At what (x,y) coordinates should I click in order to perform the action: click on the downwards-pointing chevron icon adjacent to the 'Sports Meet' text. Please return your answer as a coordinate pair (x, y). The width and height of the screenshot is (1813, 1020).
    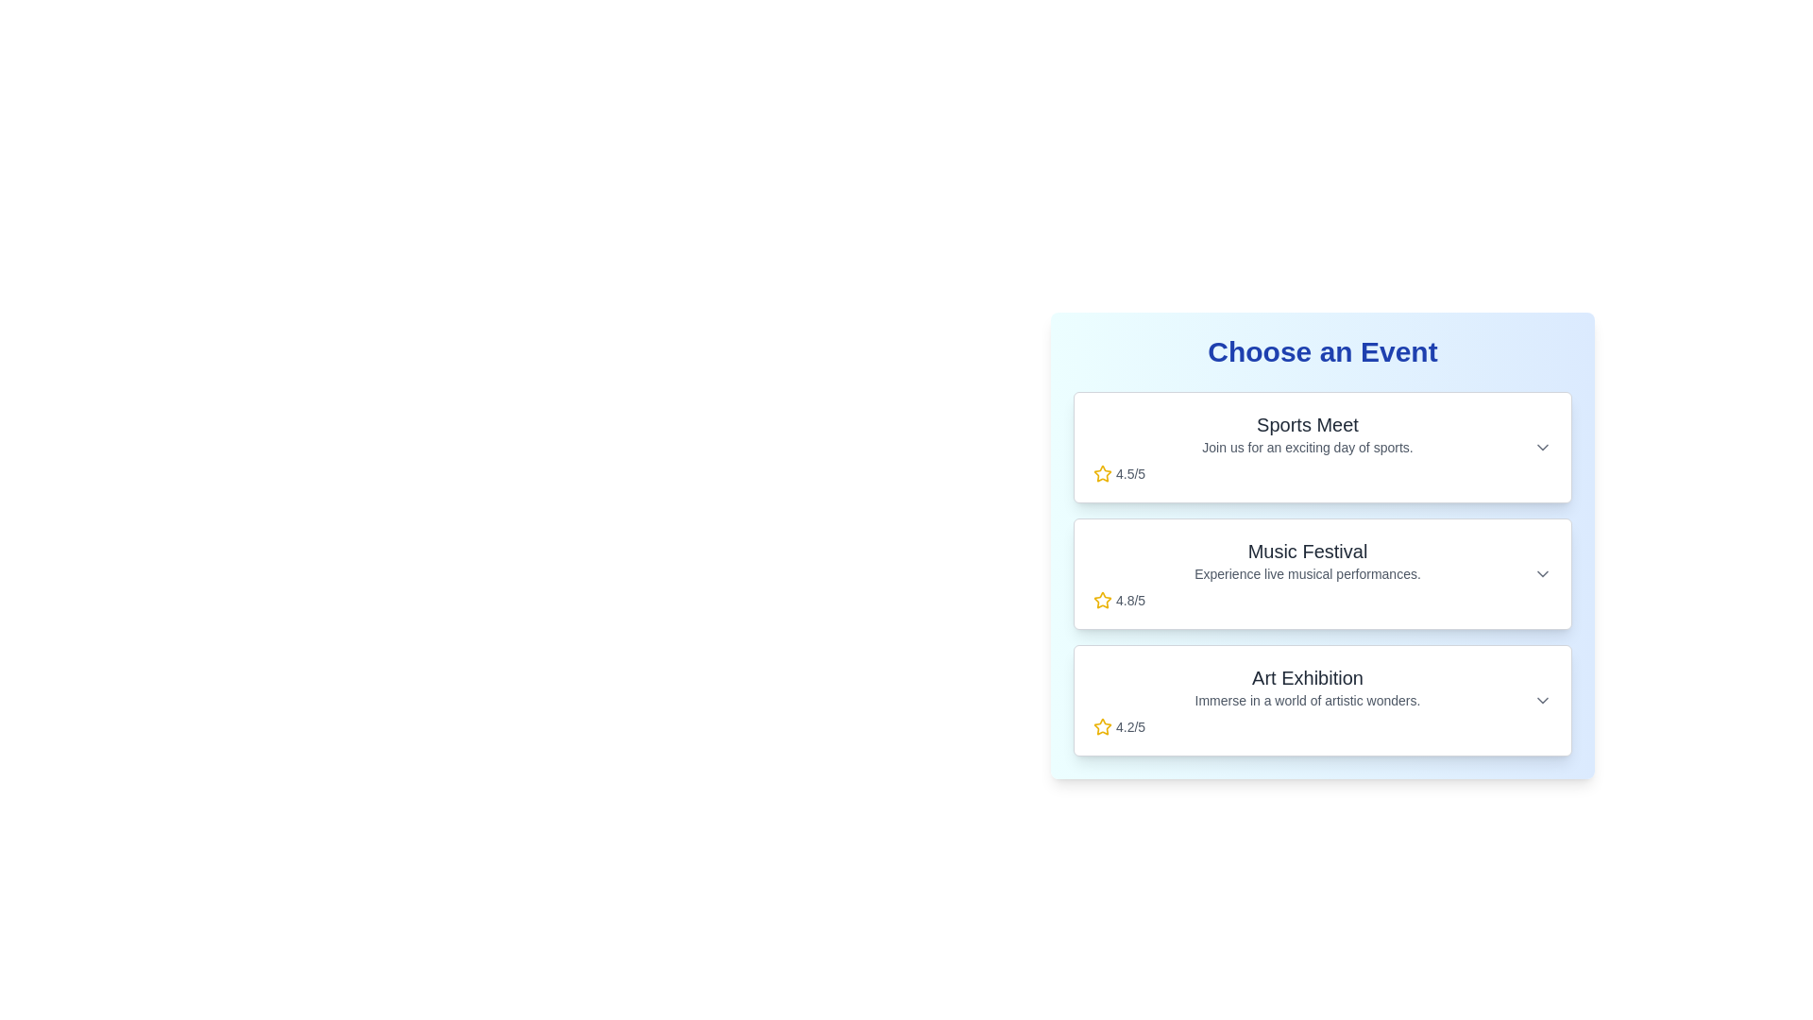
    Looking at the image, I should click on (1542, 448).